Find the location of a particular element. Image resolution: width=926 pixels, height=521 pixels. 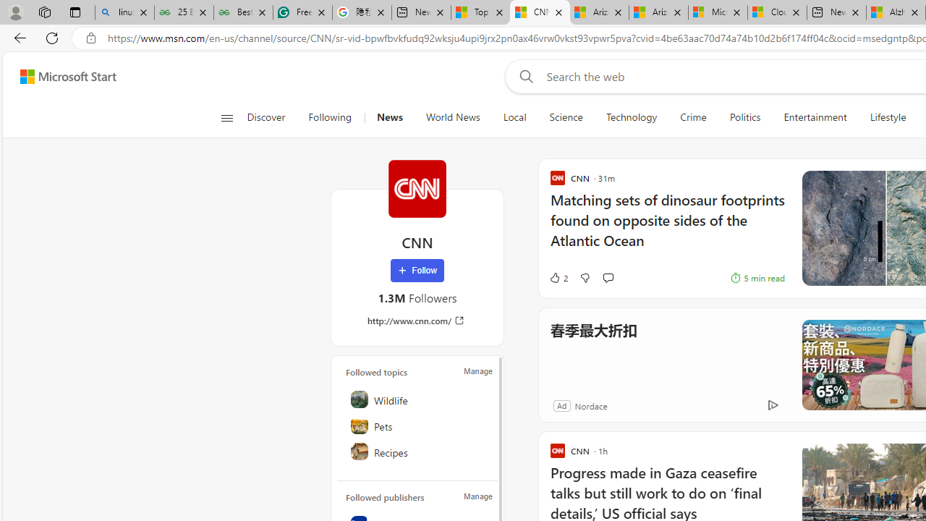

'http://www.cnn.com/' is located at coordinates (416, 320).